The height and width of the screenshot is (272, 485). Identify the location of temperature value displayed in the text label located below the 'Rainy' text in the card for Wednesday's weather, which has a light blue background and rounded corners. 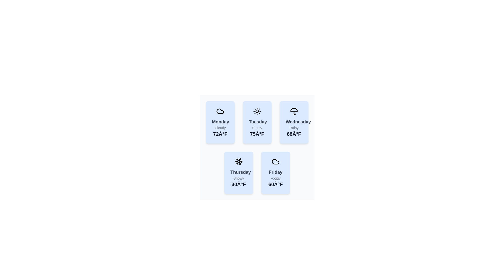
(294, 134).